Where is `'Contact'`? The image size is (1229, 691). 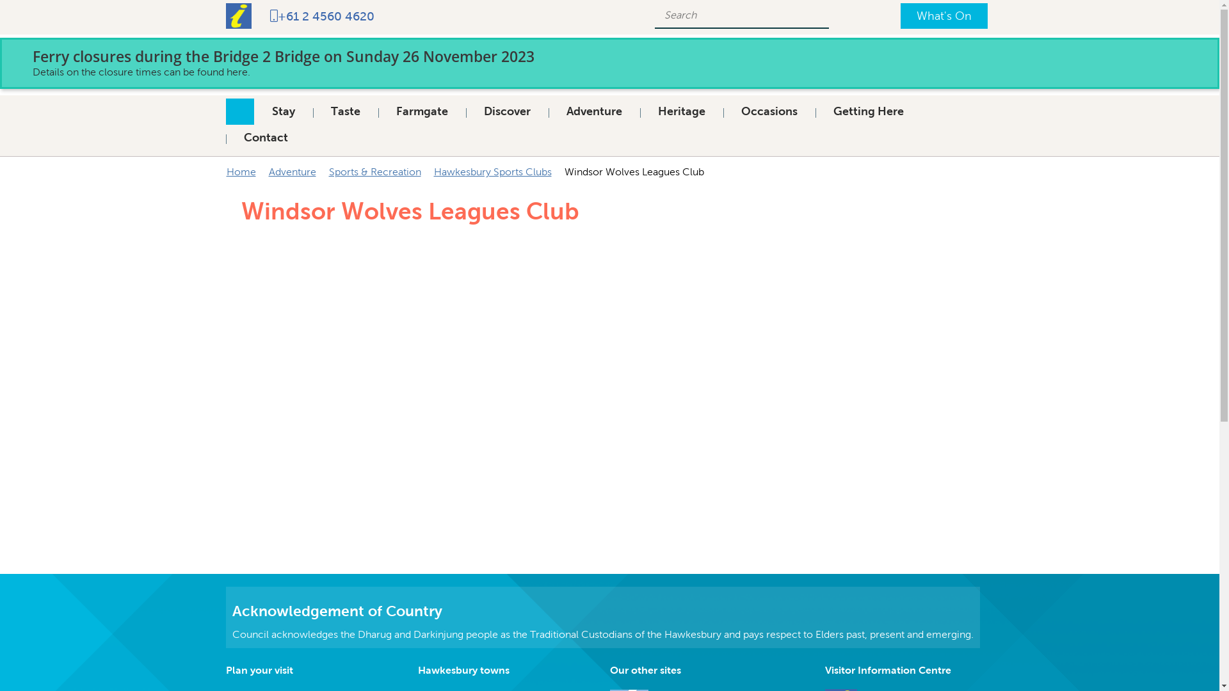
'Contact' is located at coordinates (264, 138).